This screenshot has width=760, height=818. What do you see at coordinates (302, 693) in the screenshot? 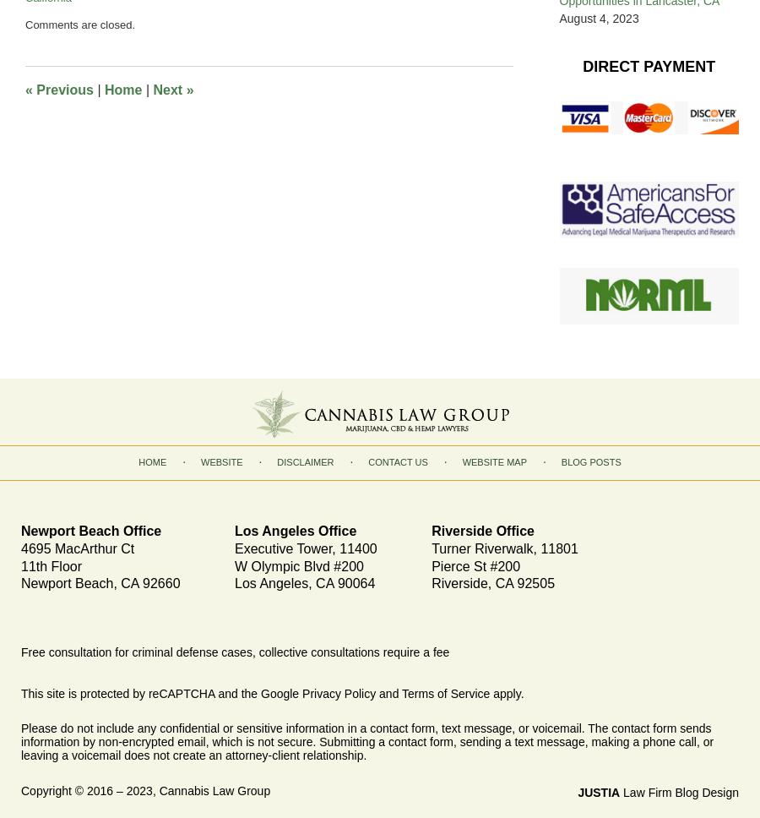
I see `'Privacy Policy'` at bounding box center [302, 693].